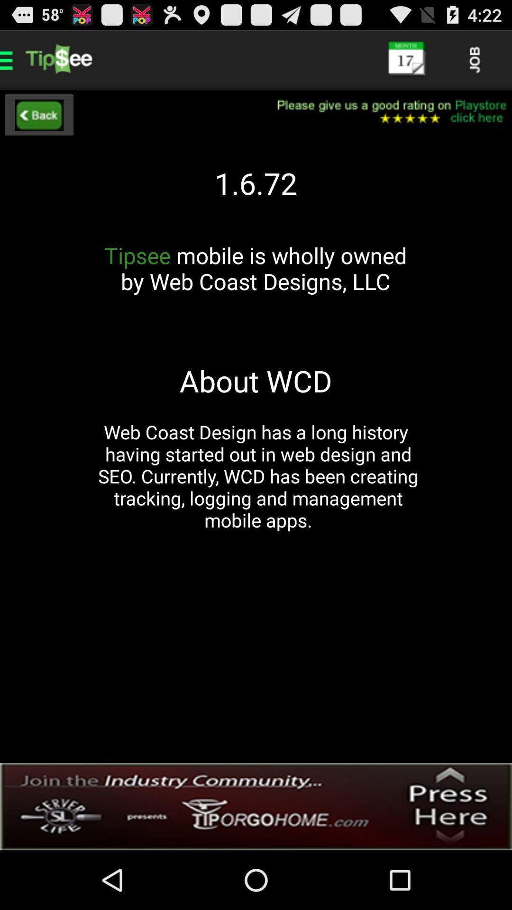 This screenshot has width=512, height=910. I want to click on the tipsee mobile is, so click(255, 281).